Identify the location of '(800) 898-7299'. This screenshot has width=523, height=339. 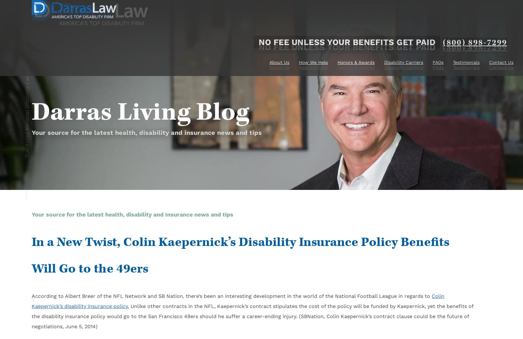
(442, 48).